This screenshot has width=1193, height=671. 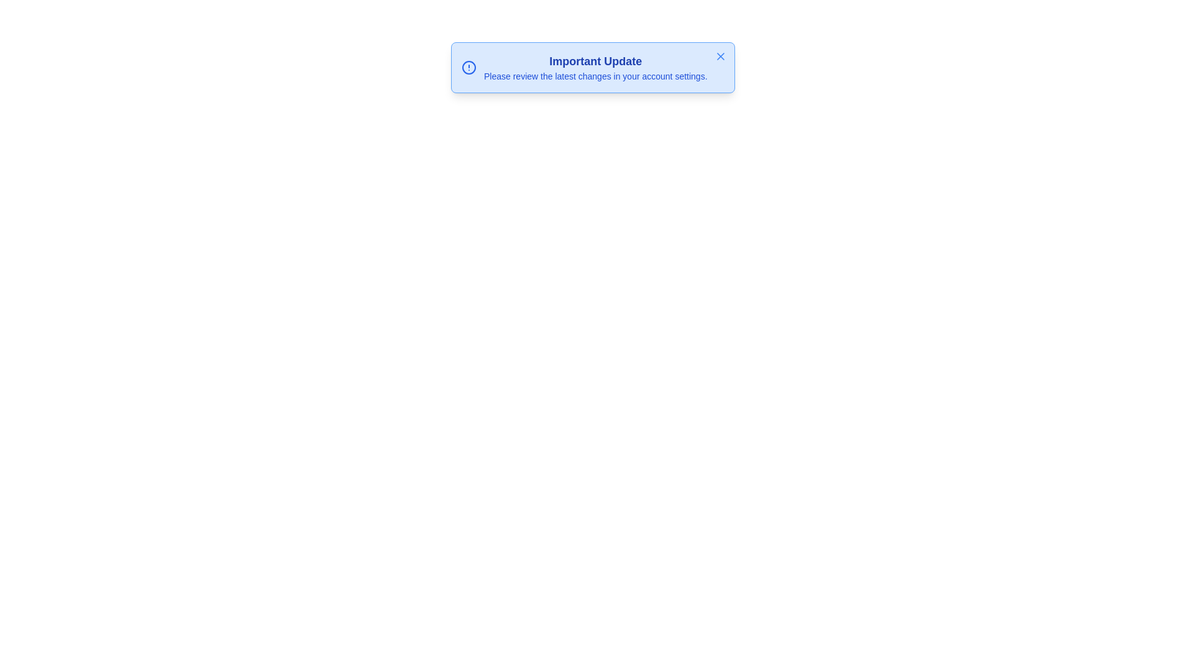 I want to click on the close button icon located in the top-right corner of the notification box, so click(x=721, y=57).